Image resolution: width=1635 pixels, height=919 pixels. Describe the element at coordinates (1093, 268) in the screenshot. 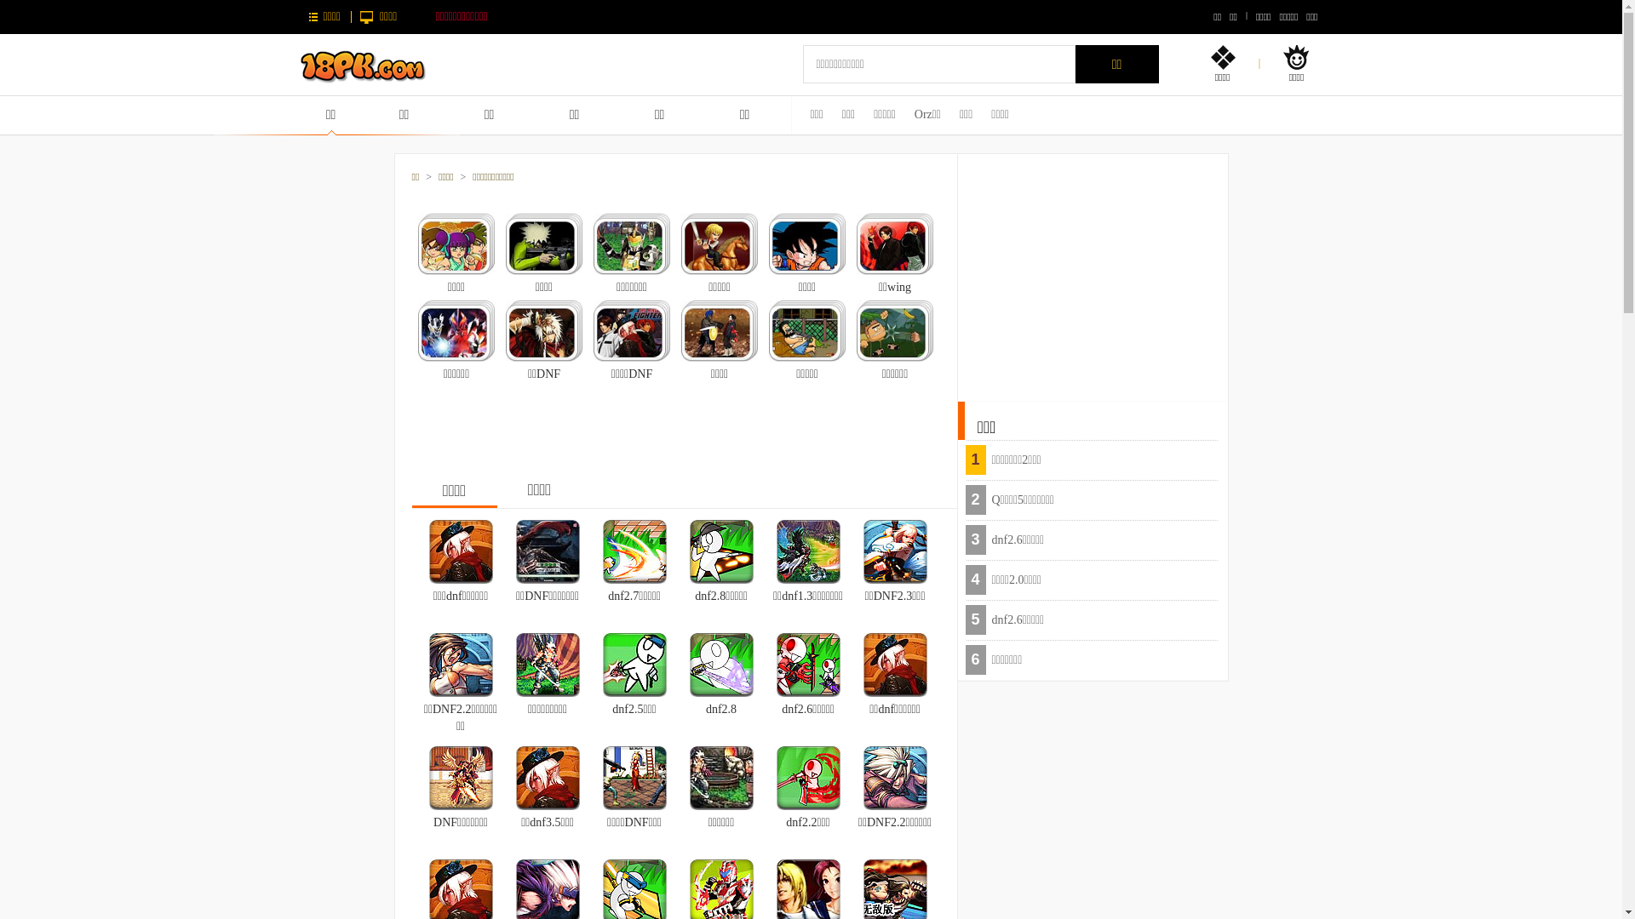

I see `'Advertisement'` at that location.